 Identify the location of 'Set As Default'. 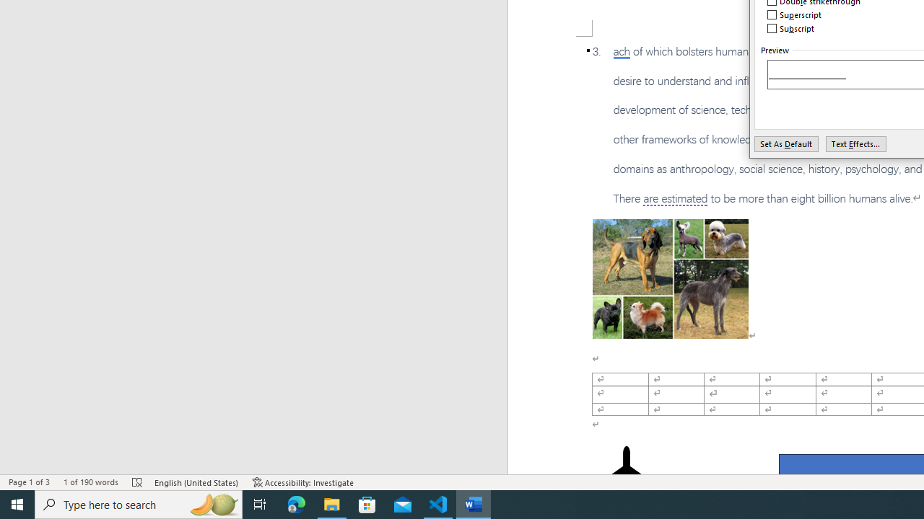
(785, 143).